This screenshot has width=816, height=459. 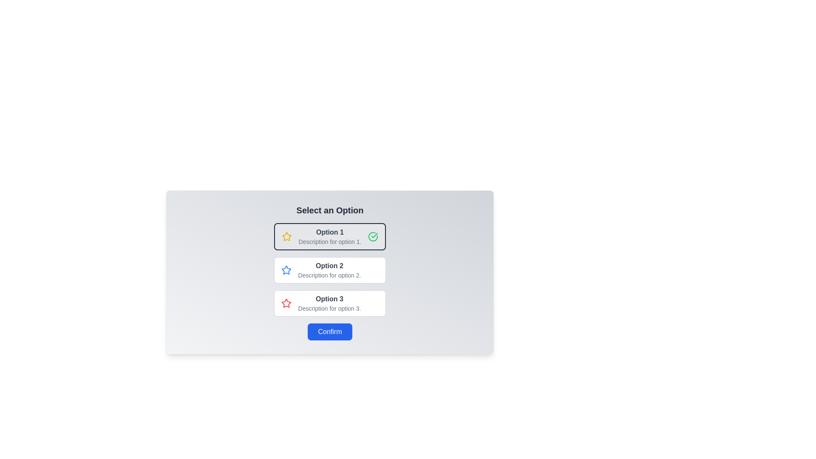 What do you see at coordinates (329, 308) in the screenshot?
I see `additional information provided by the Text Label located directly underneath the 'Option 3' label in the third option card` at bounding box center [329, 308].